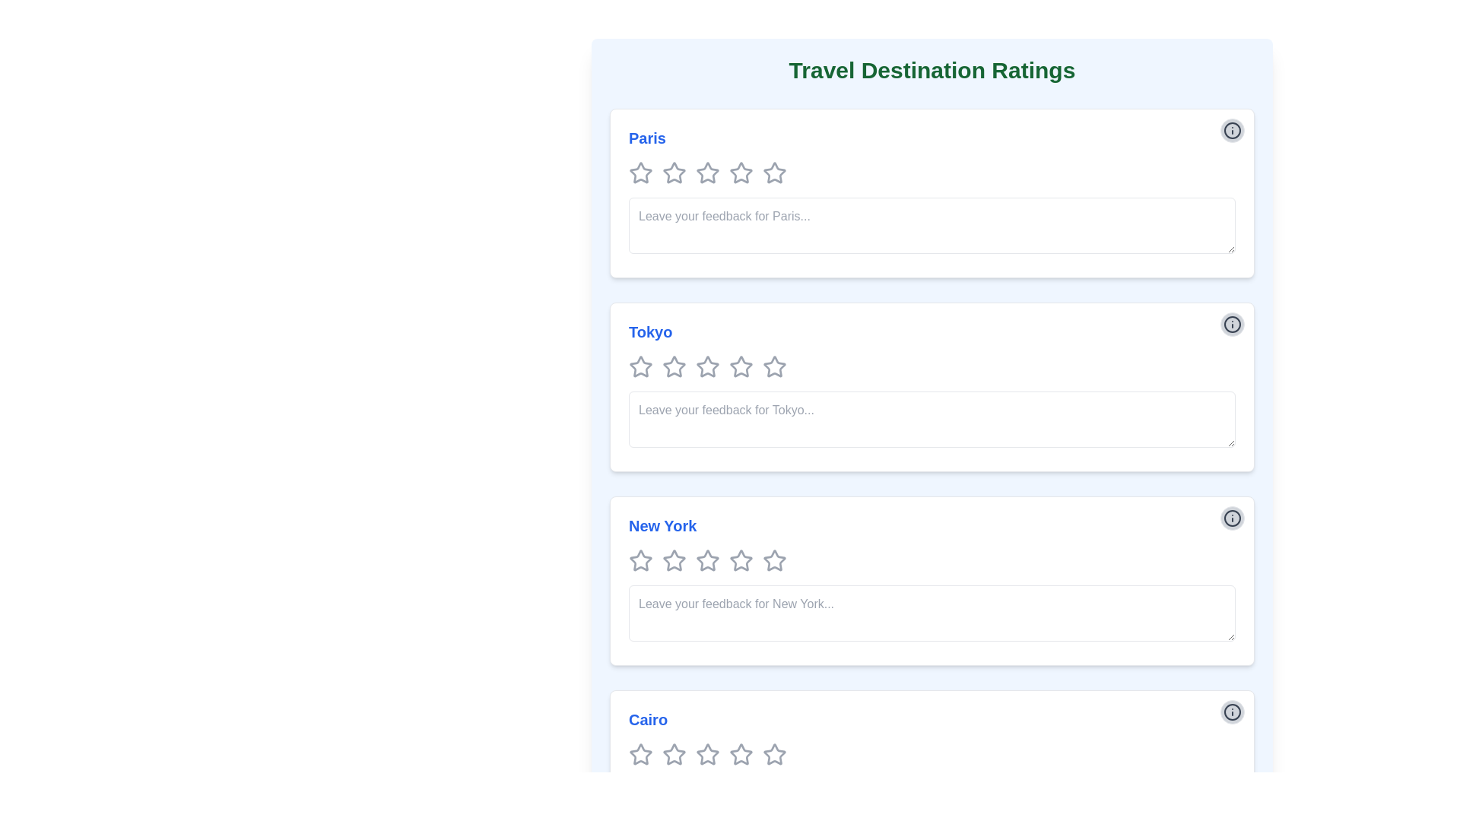 The height and width of the screenshot is (821, 1460). I want to click on the text label displaying 'Paris', which is styled in blue and positioned at the top of its section, just above the rating stars and feedback input box, so click(647, 138).